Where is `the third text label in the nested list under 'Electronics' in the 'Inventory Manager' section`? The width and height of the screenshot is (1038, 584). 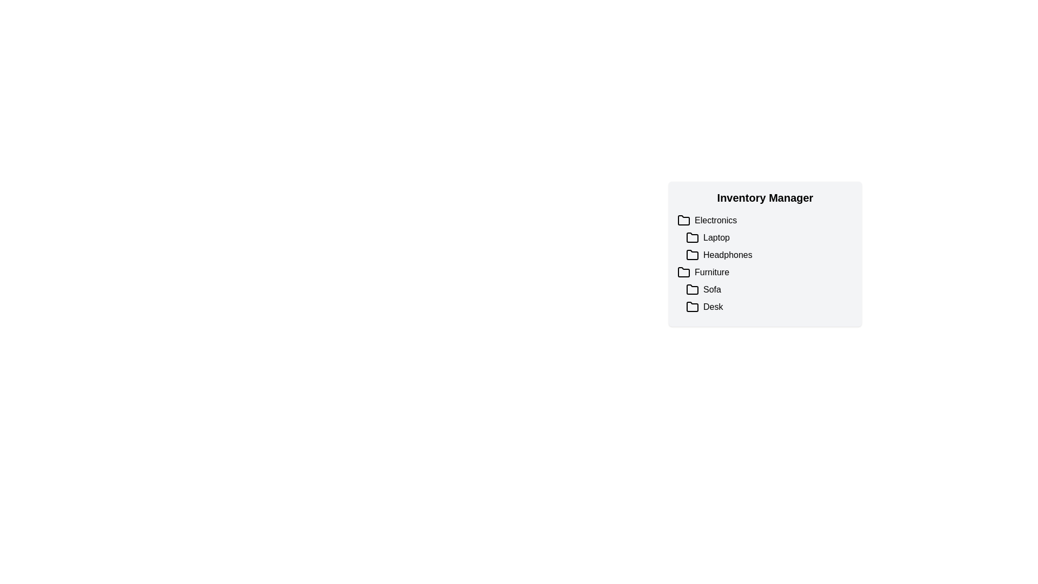
the third text label in the nested list under 'Electronics' in the 'Inventory Manager' section is located at coordinates (728, 255).